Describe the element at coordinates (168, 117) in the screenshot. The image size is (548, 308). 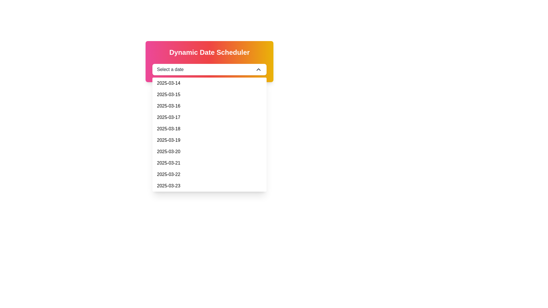
I see `to select the date '2025-03-17' from the fourth entry in the dropdown menu` at that location.